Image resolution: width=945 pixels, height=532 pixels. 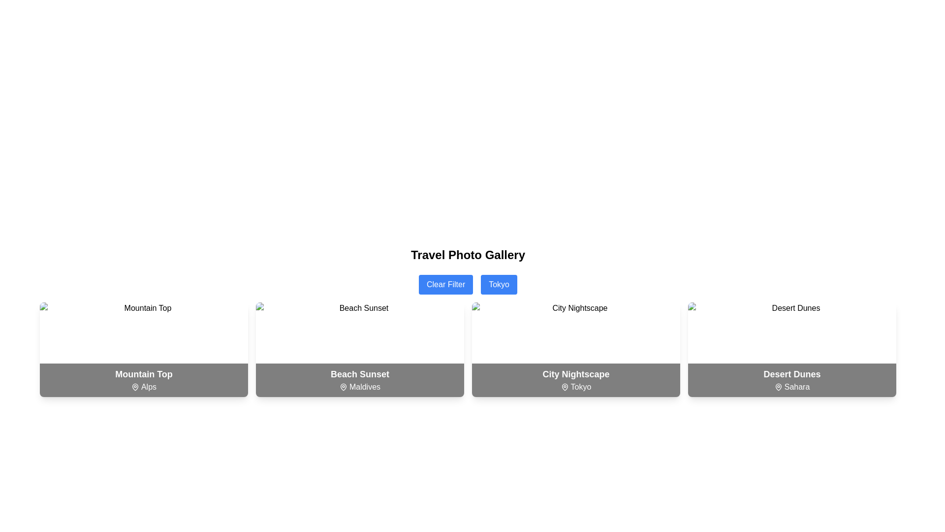 I want to click on the button designed to clear filters in the photo gallery, so click(x=445, y=285).